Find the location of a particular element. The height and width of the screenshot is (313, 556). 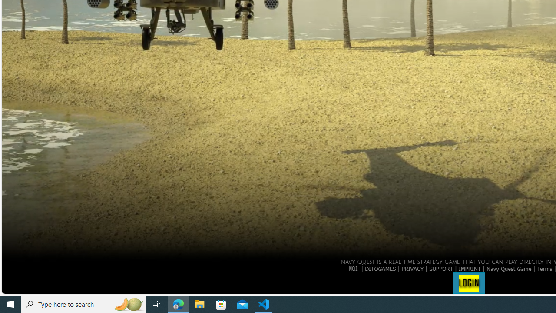

'Microsoft Store' is located at coordinates (221, 303).